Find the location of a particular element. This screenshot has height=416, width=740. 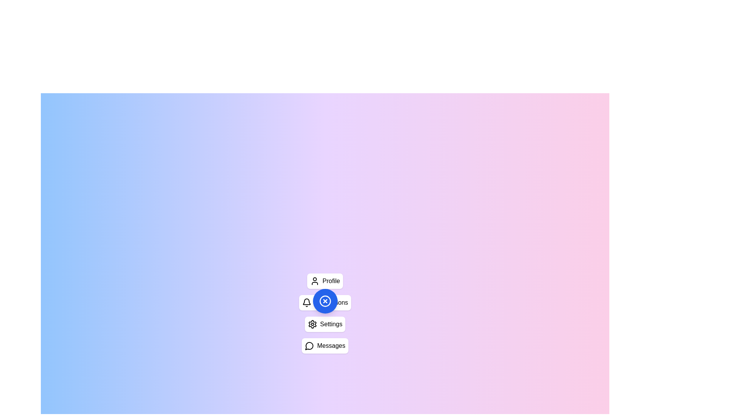

the 'Settings' button to select the 'Settings' action is located at coordinates (325, 324).